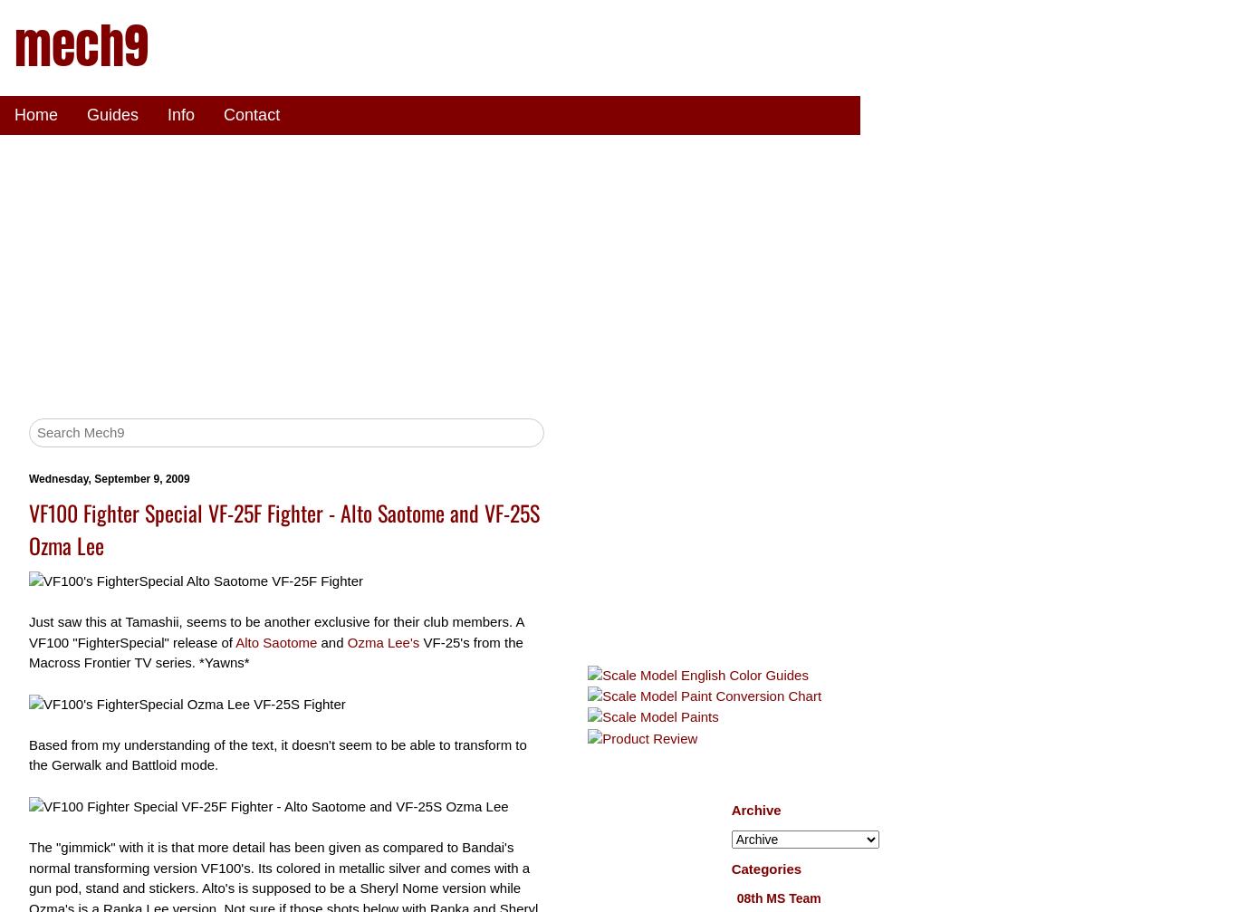 Image resolution: width=1257 pixels, height=912 pixels. What do you see at coordinates (283, 527) in the screenshot?
I see `'VF100 Fighter Special VF-25F Fighter - Alto Saotome and VF-25S Ozma Lee'` at bounding box center [283, 527].